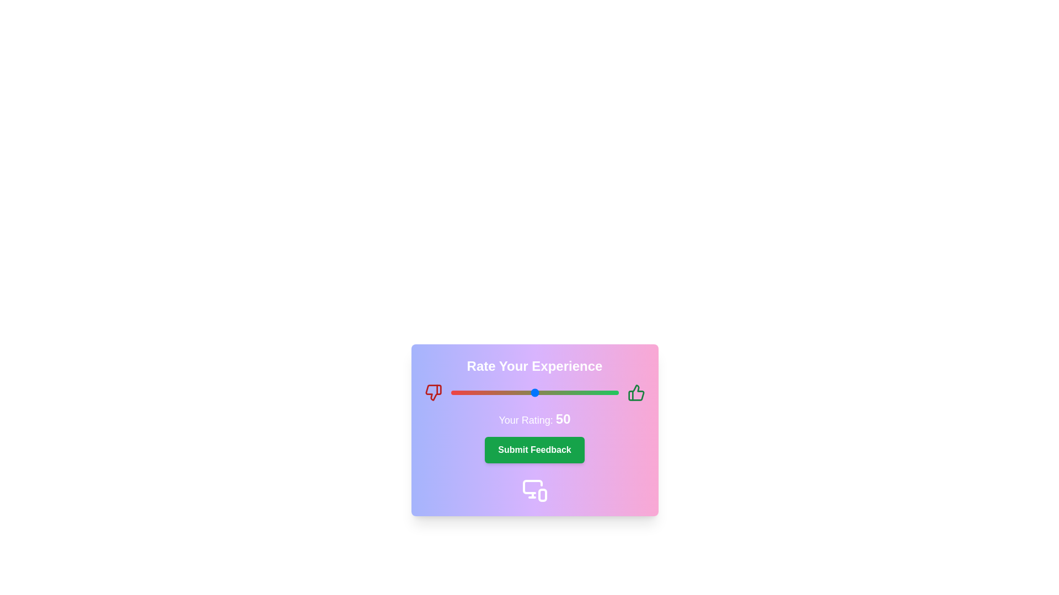 Image resolution: width=1059 pixels, height=595 pixels. I want to click on the displayed rating text by moving the cursor to its center, so click(534, 419).